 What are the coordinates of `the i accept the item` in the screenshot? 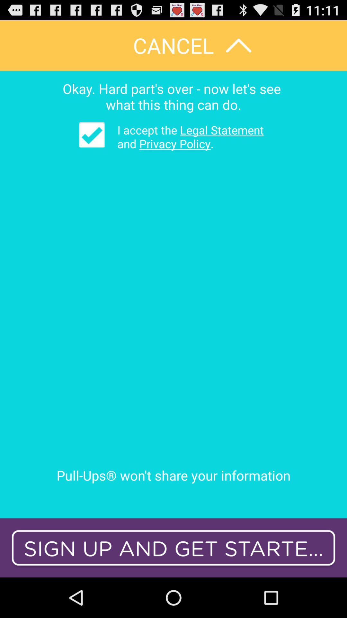 It's located at (186, 136).